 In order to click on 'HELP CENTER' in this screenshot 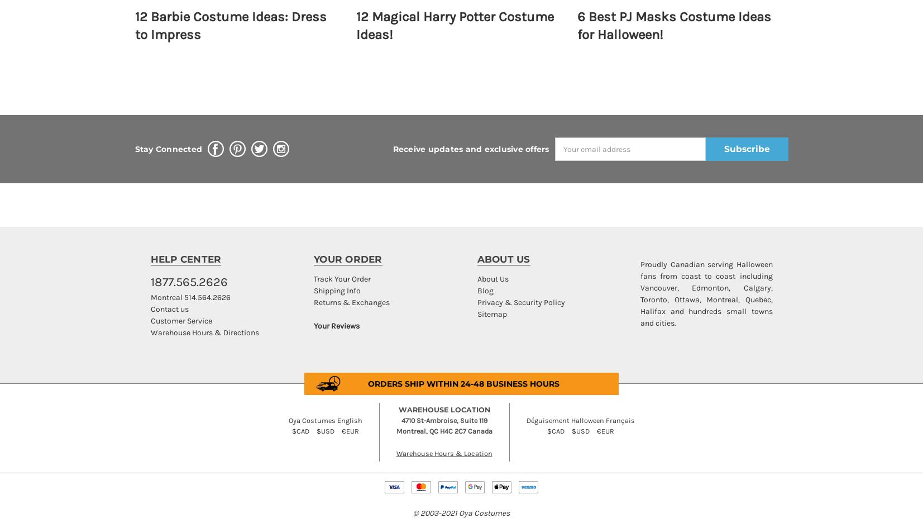, I will do `click(185, 259)`.